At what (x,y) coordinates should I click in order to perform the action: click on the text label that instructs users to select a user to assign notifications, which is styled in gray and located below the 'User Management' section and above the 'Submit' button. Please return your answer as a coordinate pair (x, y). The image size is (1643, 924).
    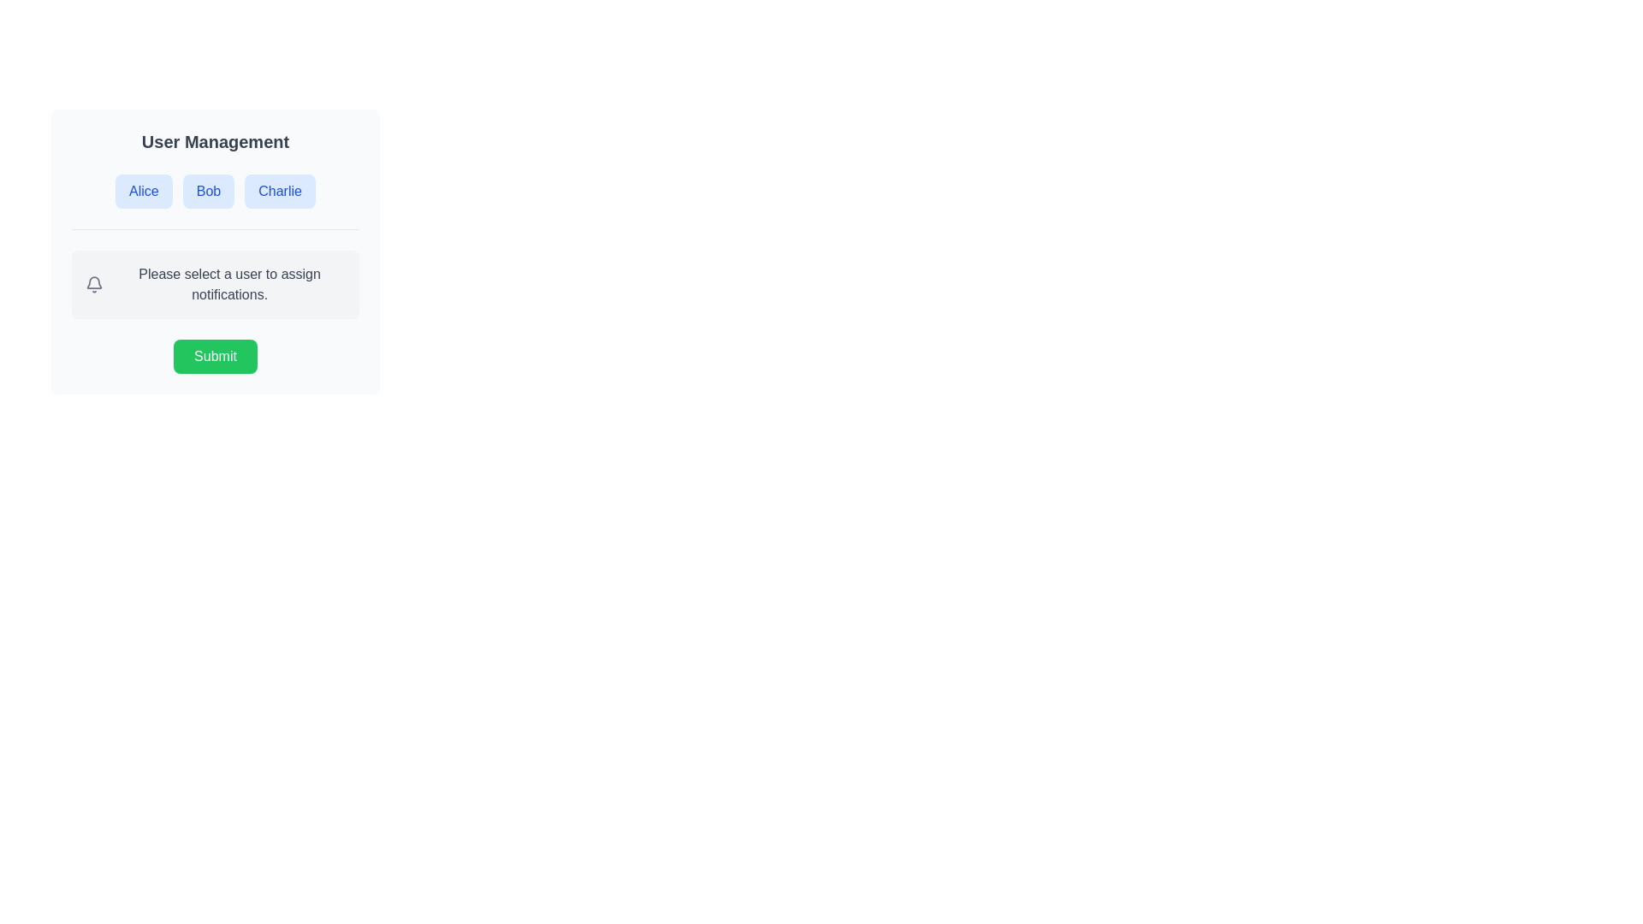
    Looking at the image, I should click on (228, 283).